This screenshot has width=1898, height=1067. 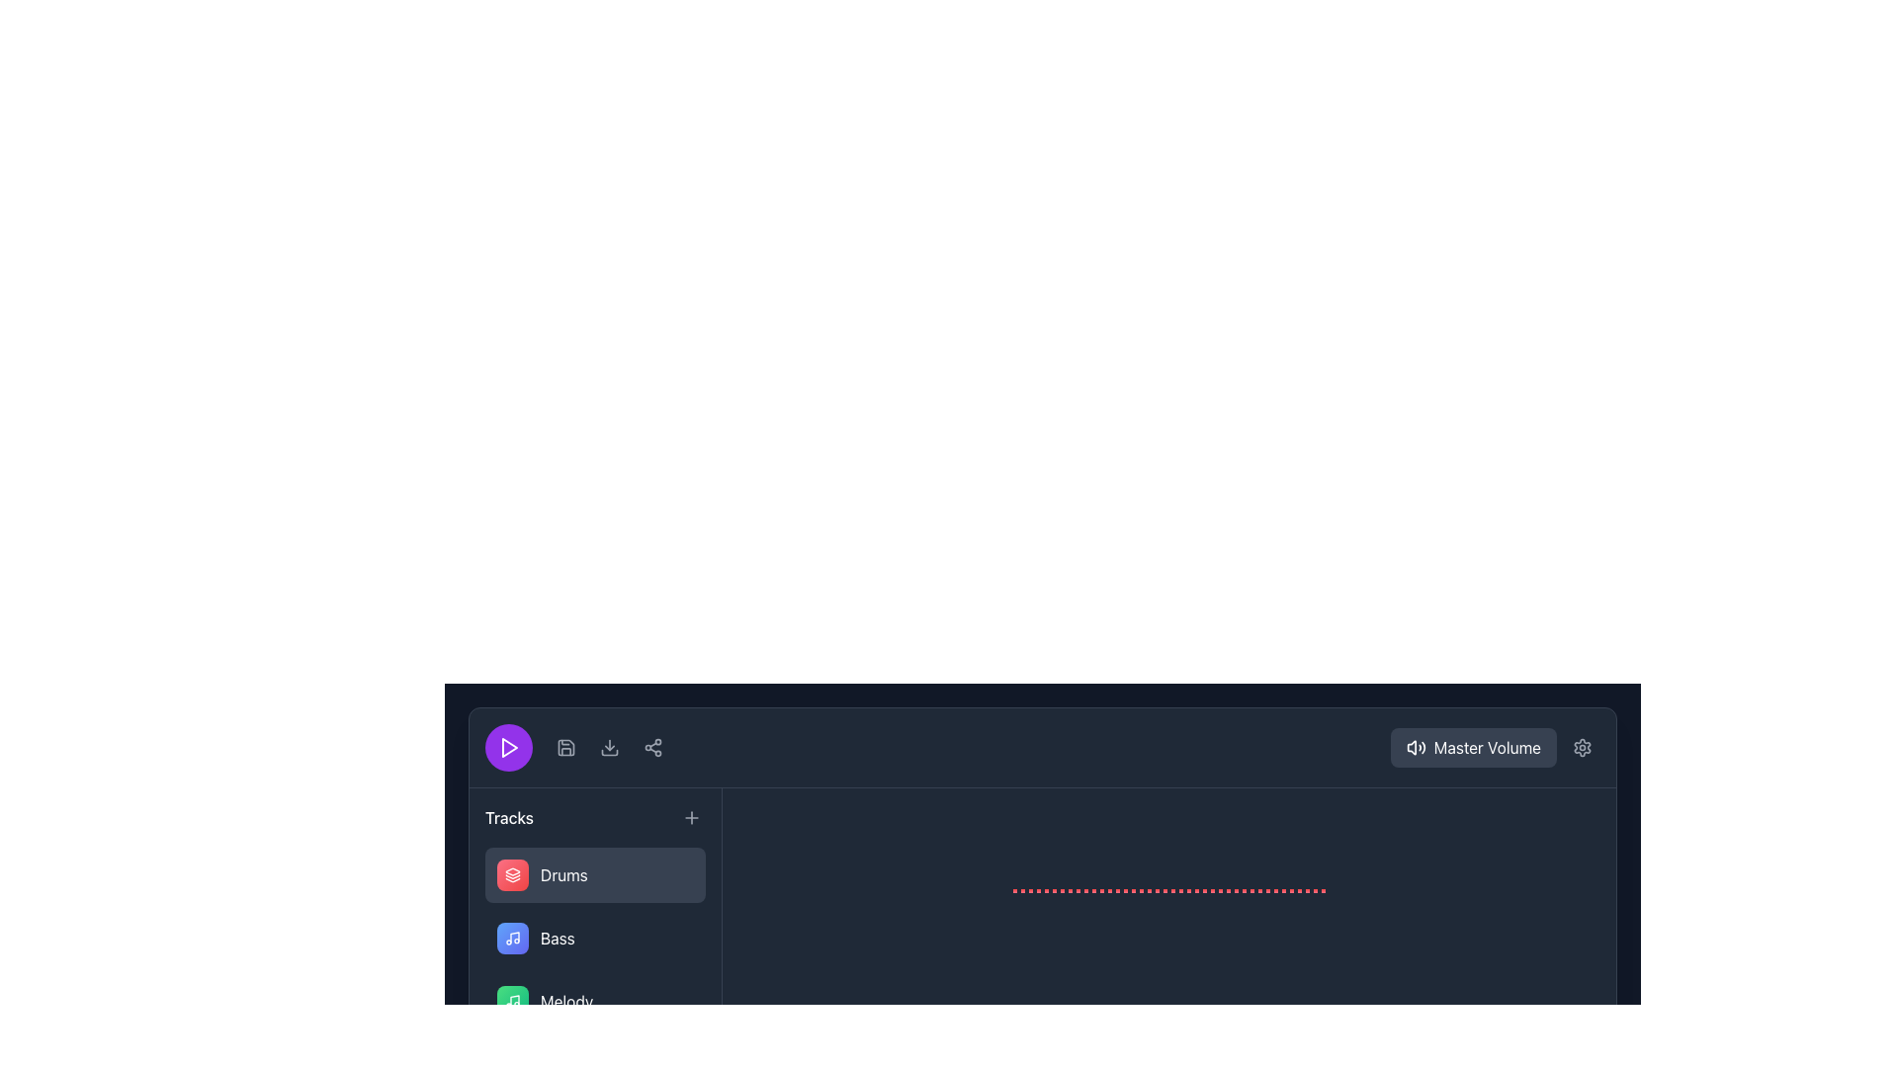 I want to click on the small gray save icon located in the toolbar, positioned to the right of the large circular play button, so click(x=564, y=747).